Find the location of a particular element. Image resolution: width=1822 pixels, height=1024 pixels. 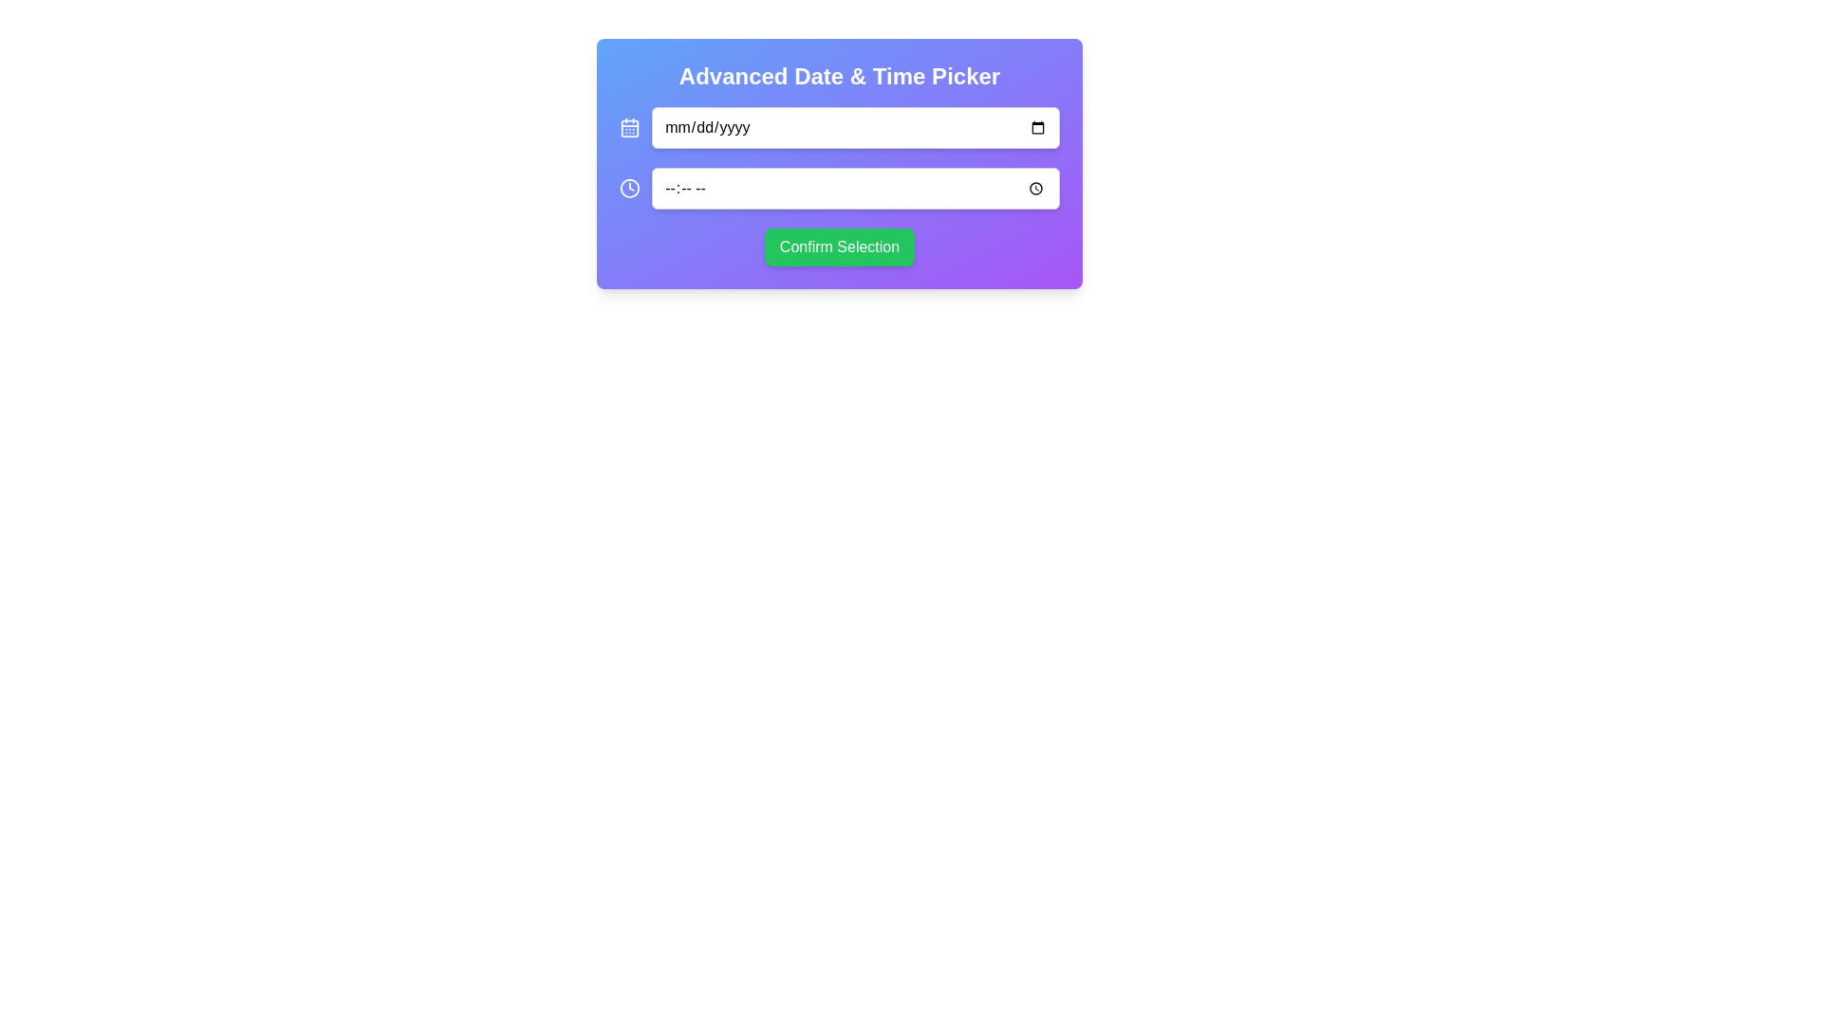

to focus on the time input field, which is located below the date input field and above the Confirm Selection button in the Advanced Date & Time Picker interface is located at coordinates (838, 189).